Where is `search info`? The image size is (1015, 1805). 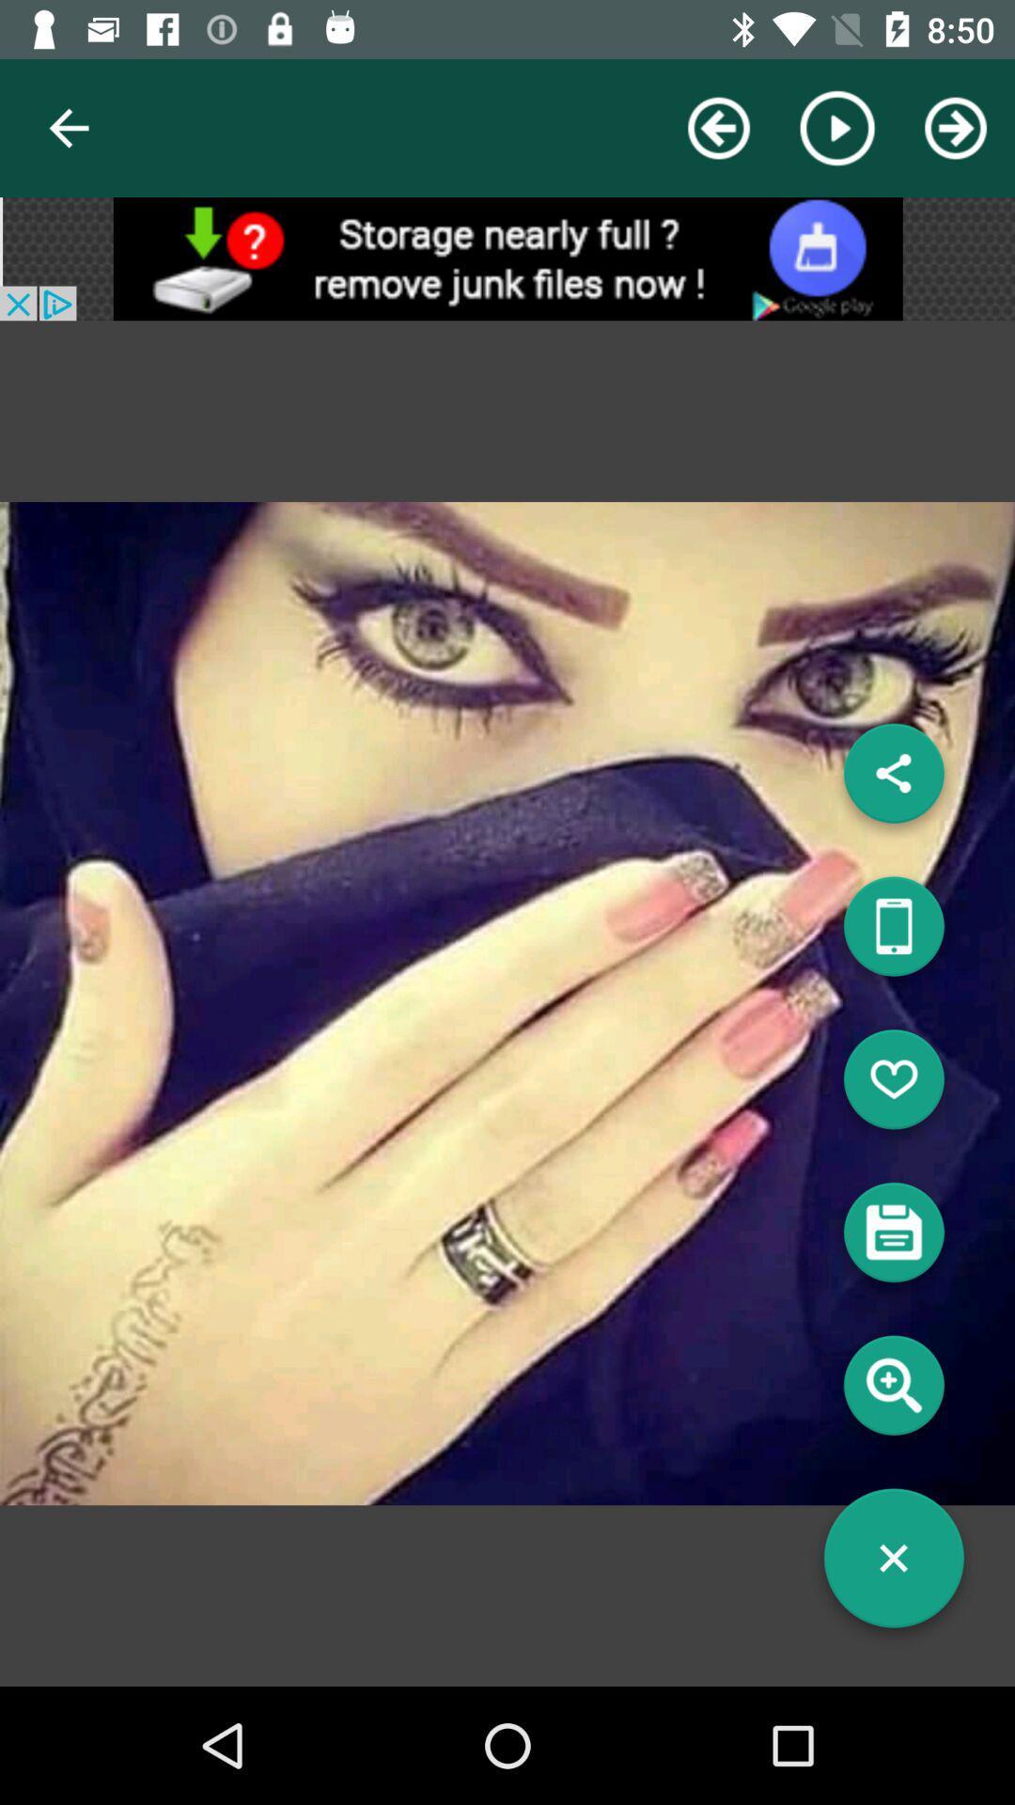
search info is located at coordinates (893, 1392).